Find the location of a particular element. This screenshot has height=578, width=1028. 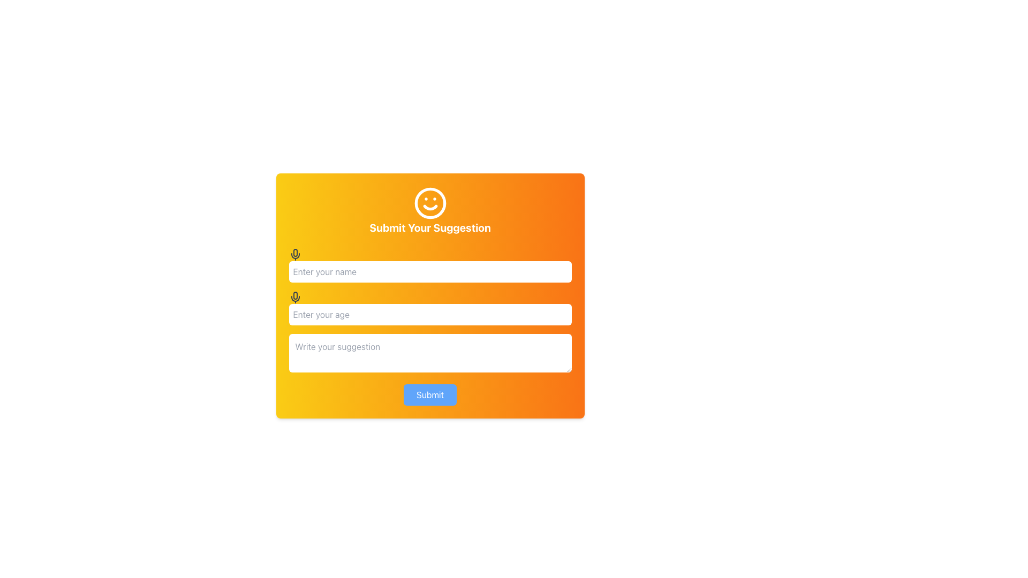

the microphone icon, which is a rounded rectangle with a vertical line and a semi-circular arc, located adjacent to the 'Enter your age' input field is located at coordinates (295, 299).